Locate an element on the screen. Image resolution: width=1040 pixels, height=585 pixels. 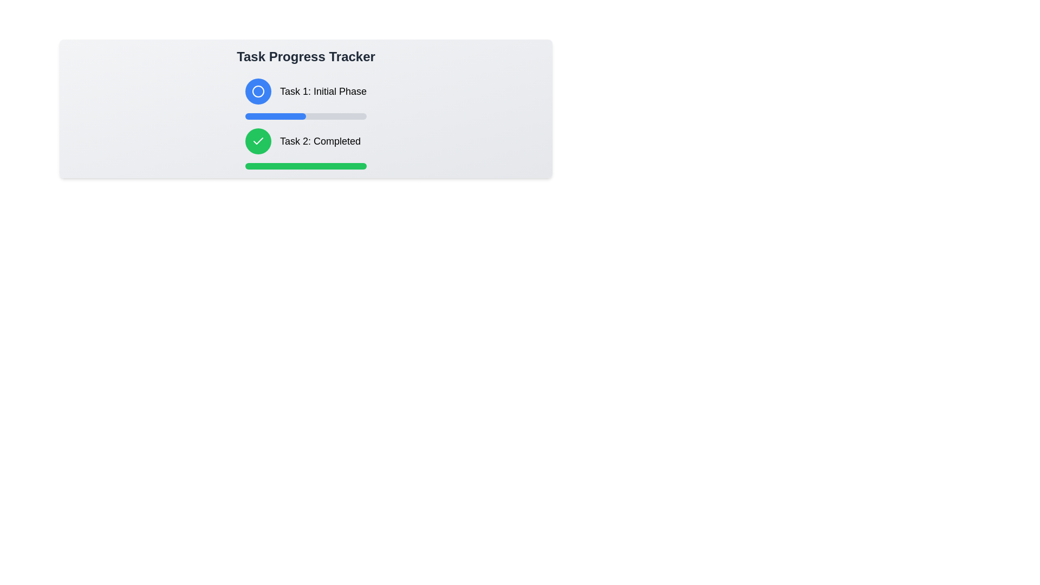
the completion icon located to the left of the text 'Task 2: Completed', which signifies that the associated task has been completed is located at coordinates (257, 141).